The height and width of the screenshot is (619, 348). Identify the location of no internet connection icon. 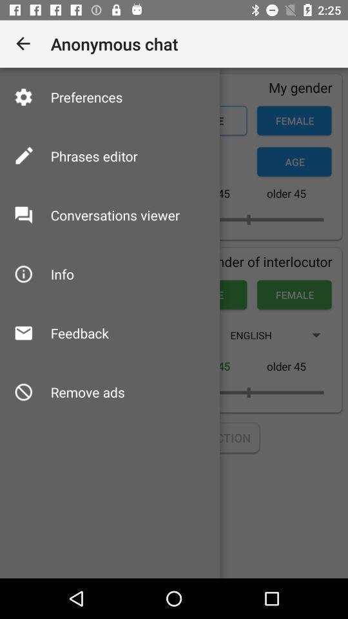
(174, 438).